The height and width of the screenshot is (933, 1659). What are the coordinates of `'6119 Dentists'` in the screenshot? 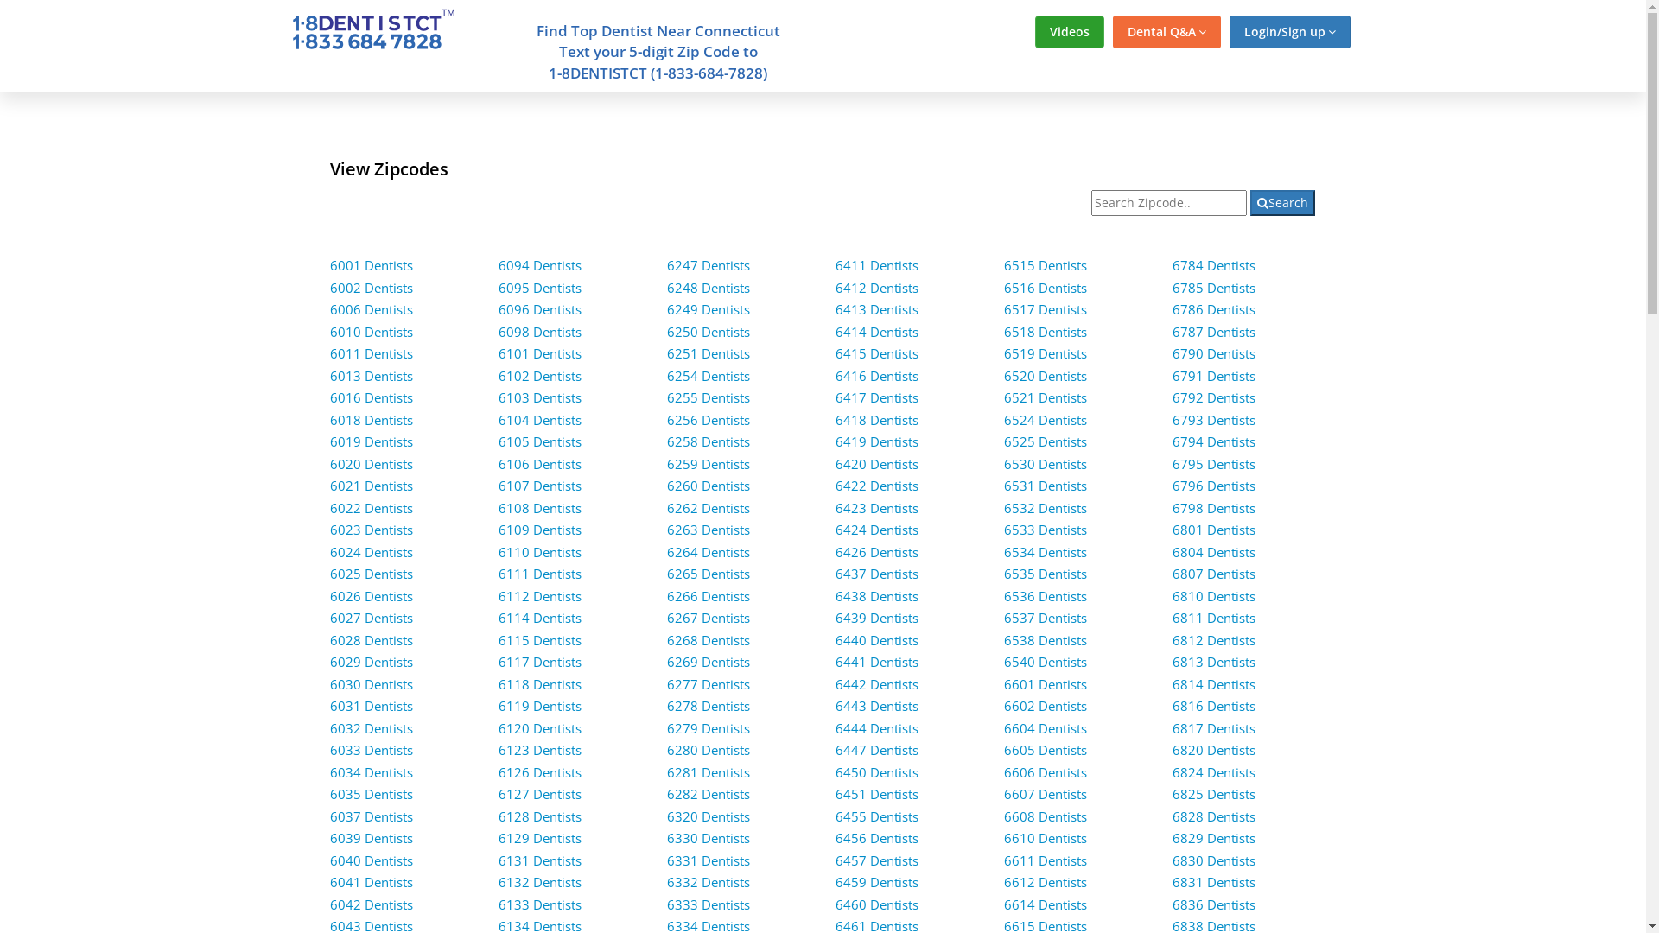 It's located at (538, 706).